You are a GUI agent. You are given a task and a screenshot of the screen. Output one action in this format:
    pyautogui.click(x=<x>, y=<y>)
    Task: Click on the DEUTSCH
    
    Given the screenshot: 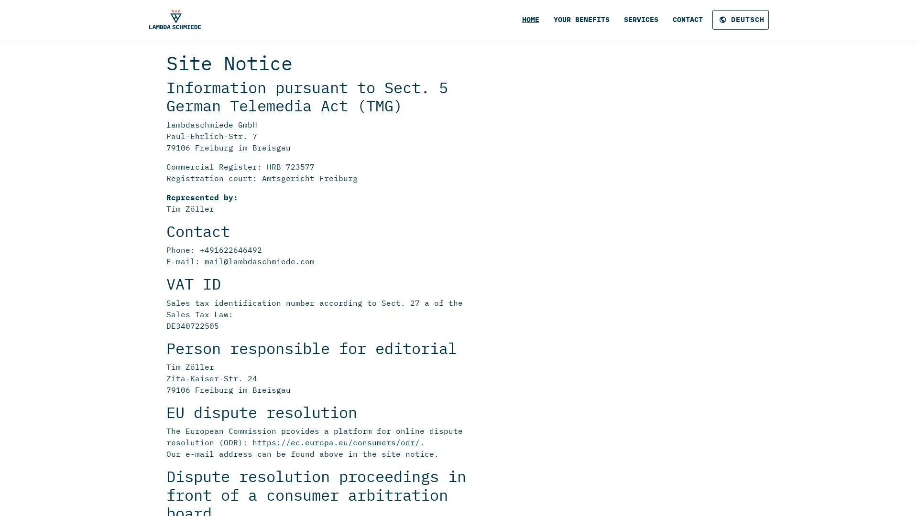 What is the action you would take?
    pyautogui.click(x=740, y=20)
    